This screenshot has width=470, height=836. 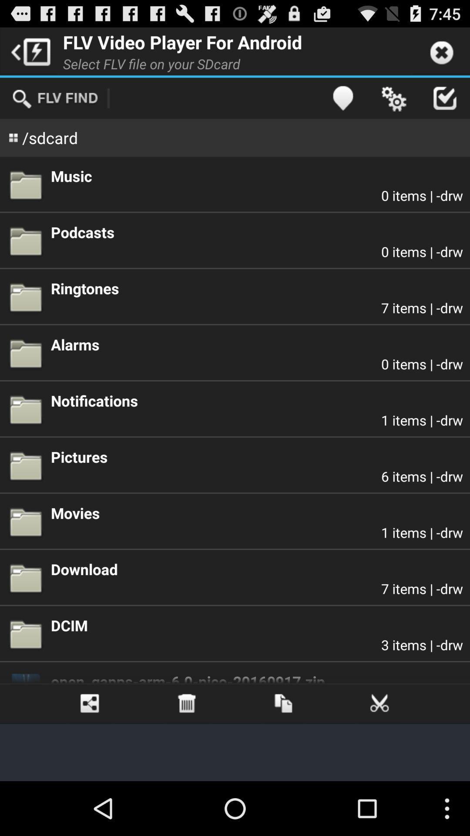 I want to click on the share icon, so click(x=90, y=752).